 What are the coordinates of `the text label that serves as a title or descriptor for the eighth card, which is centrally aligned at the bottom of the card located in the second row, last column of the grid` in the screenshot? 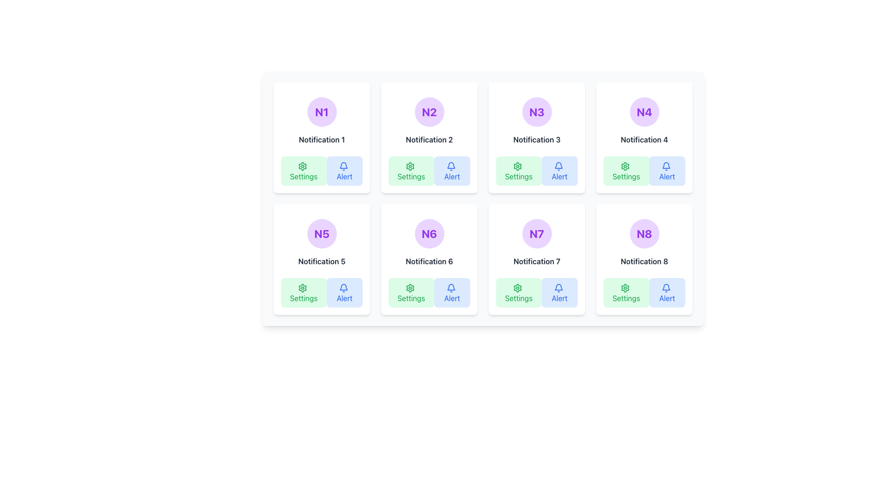 It's located at (644, 261).